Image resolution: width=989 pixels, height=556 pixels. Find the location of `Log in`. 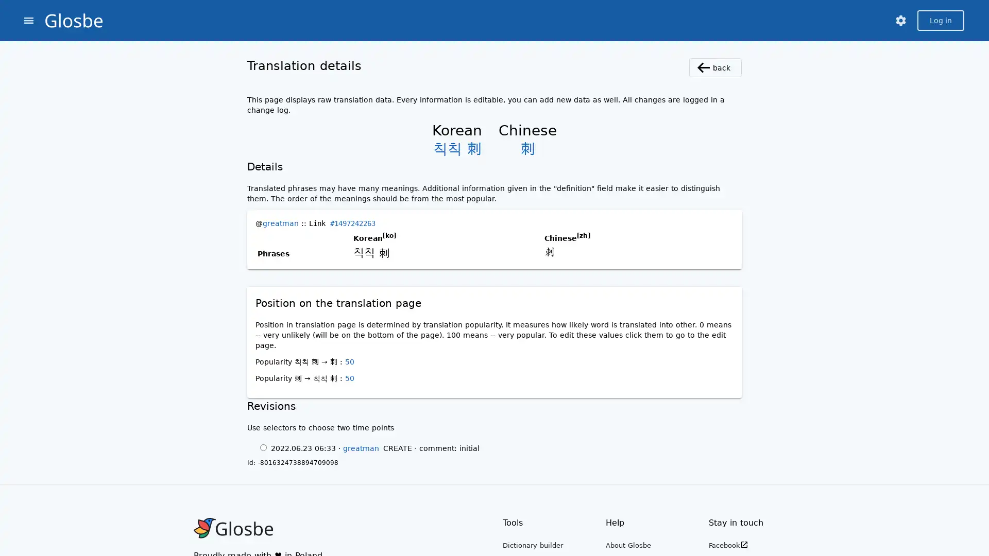

Log in is located at coordinates (941, 20).